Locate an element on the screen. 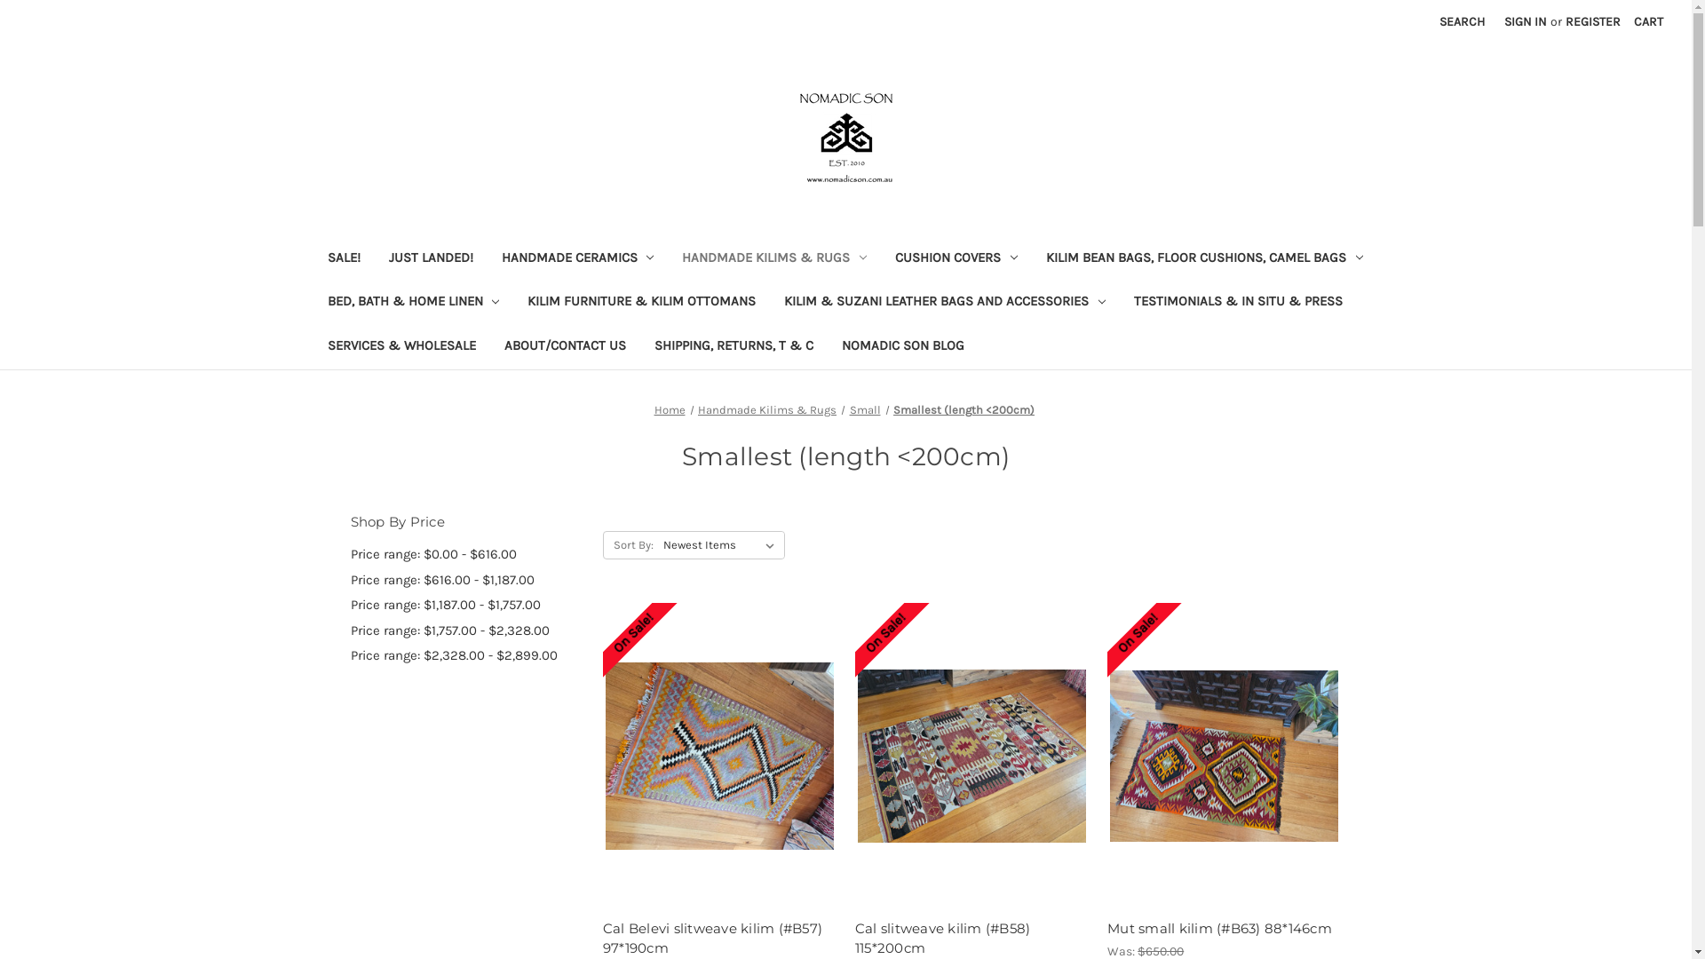 The width and height of the screenshot is (1705, 959). 'SHIPPING, RETURNS, T & C' is located at coordinates (733, 347).